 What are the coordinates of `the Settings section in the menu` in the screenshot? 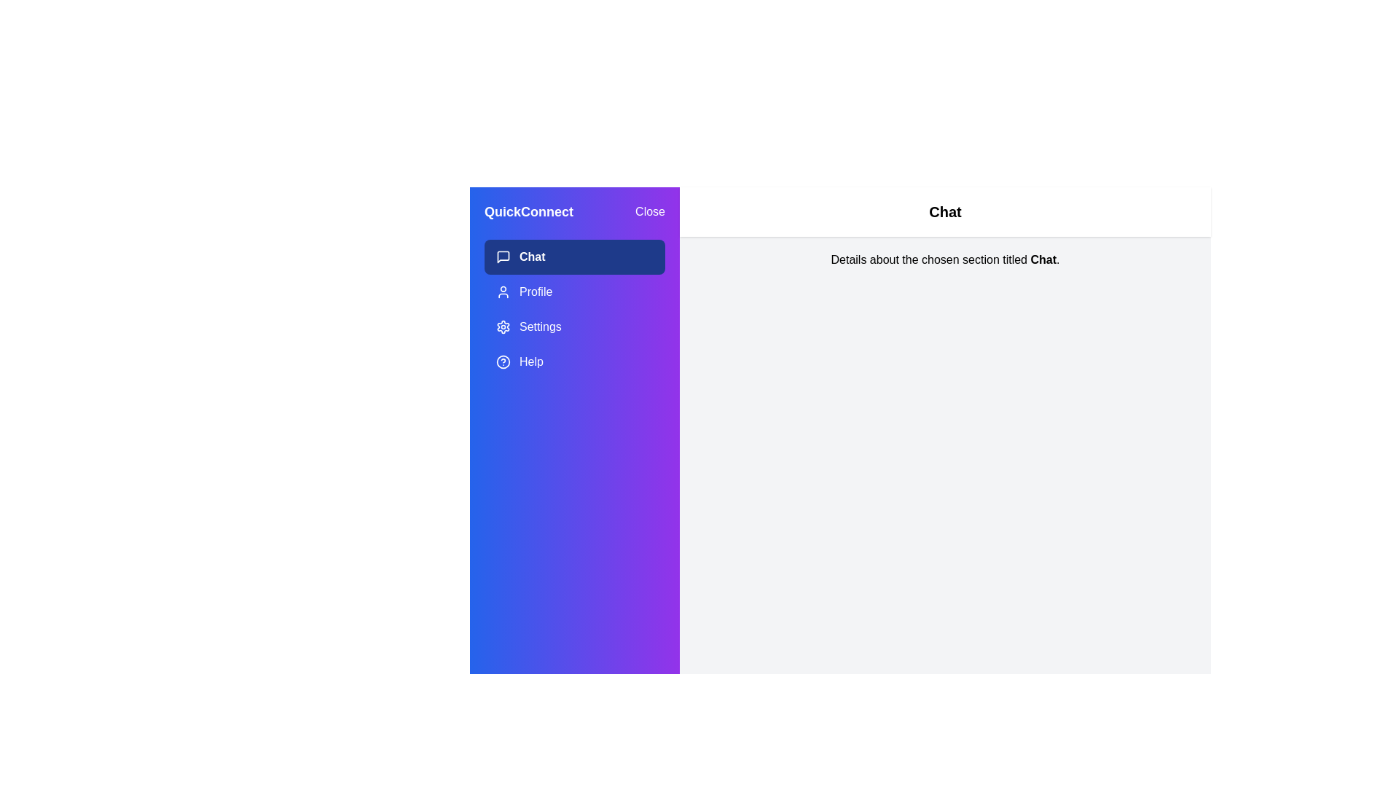 It's located at (573, 326).